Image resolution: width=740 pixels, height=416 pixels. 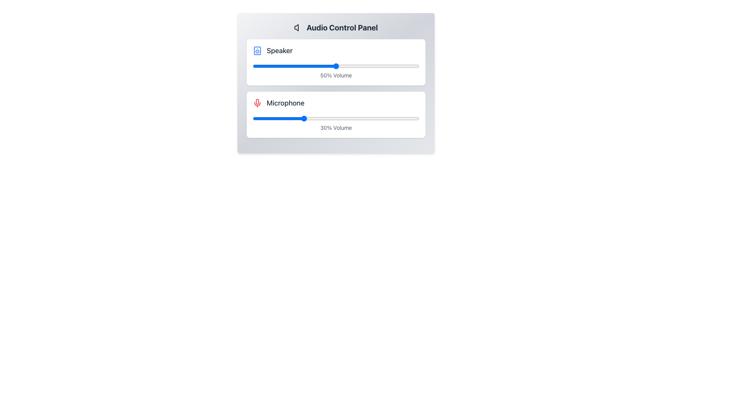 What do you see at coordinates (261, 119) in the screenshot?
I see `the microphone volume` at bounding box center [261, 119].